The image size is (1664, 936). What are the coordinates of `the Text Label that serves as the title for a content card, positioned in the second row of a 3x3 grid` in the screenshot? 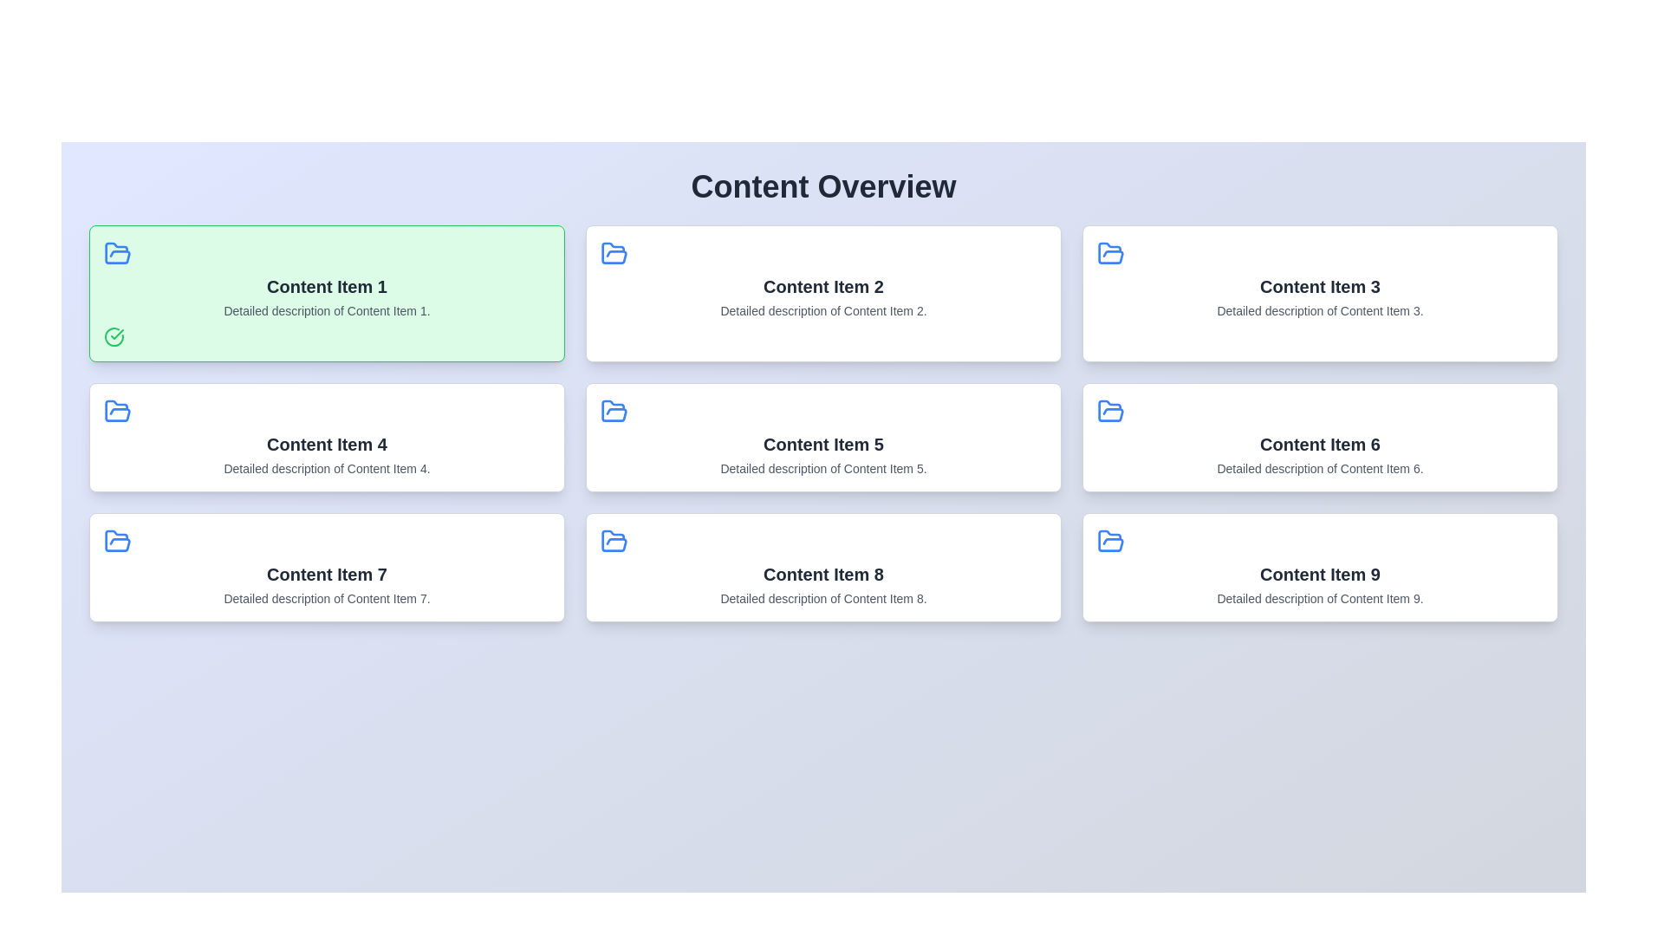 It's located at (327, 444).